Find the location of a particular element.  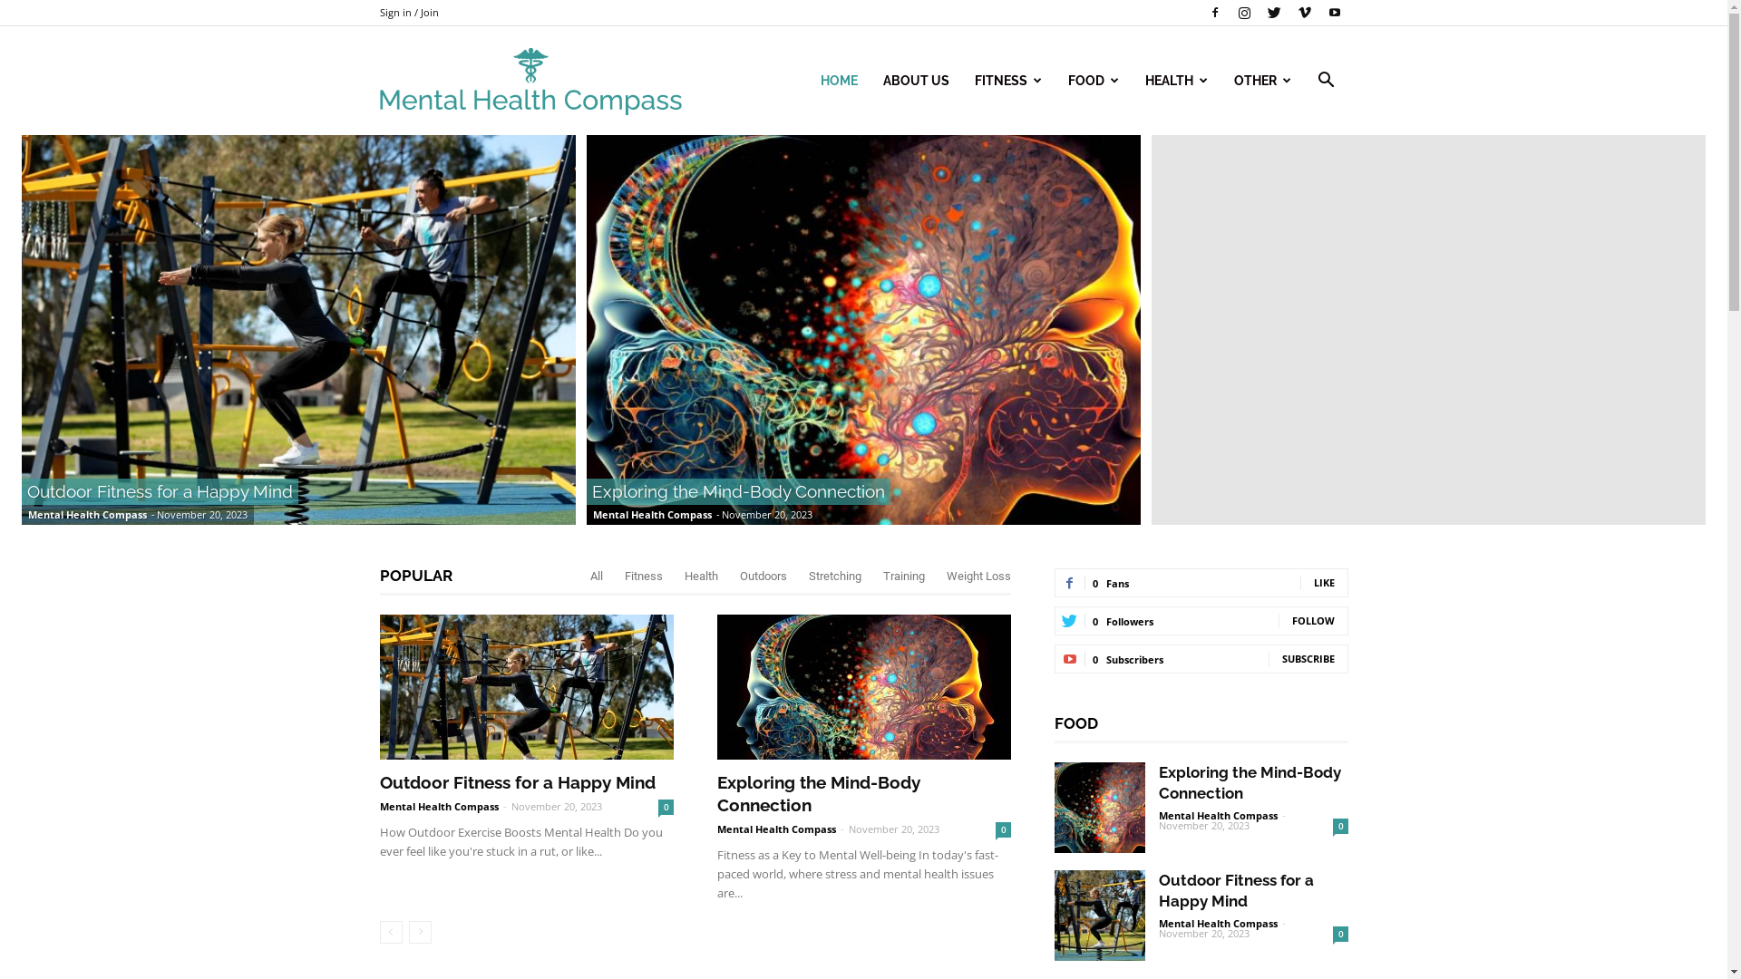

'OTHER' is located at coordinates (1220, 79).